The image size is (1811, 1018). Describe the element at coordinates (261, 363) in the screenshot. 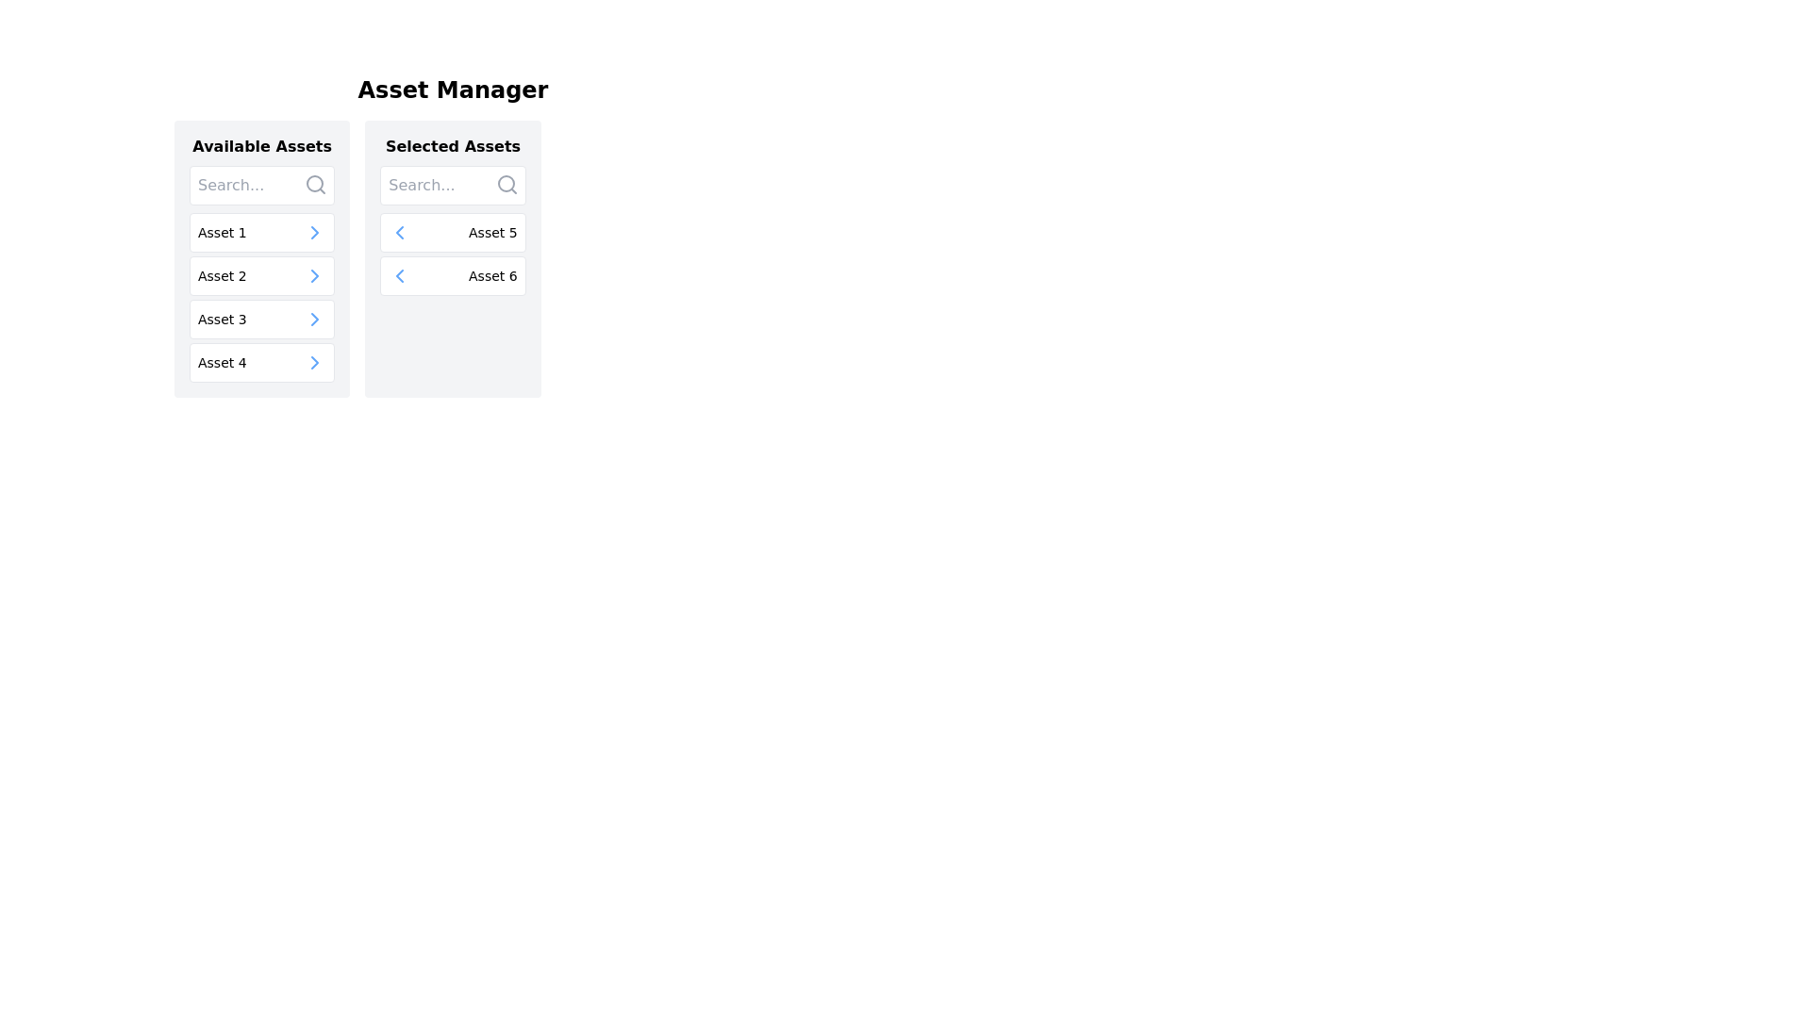

I see `the list item labeled 'Asset 4', which is a rectangular component with a white background and rounded corners, located in the left column titled 'Available Assets'` at that location.